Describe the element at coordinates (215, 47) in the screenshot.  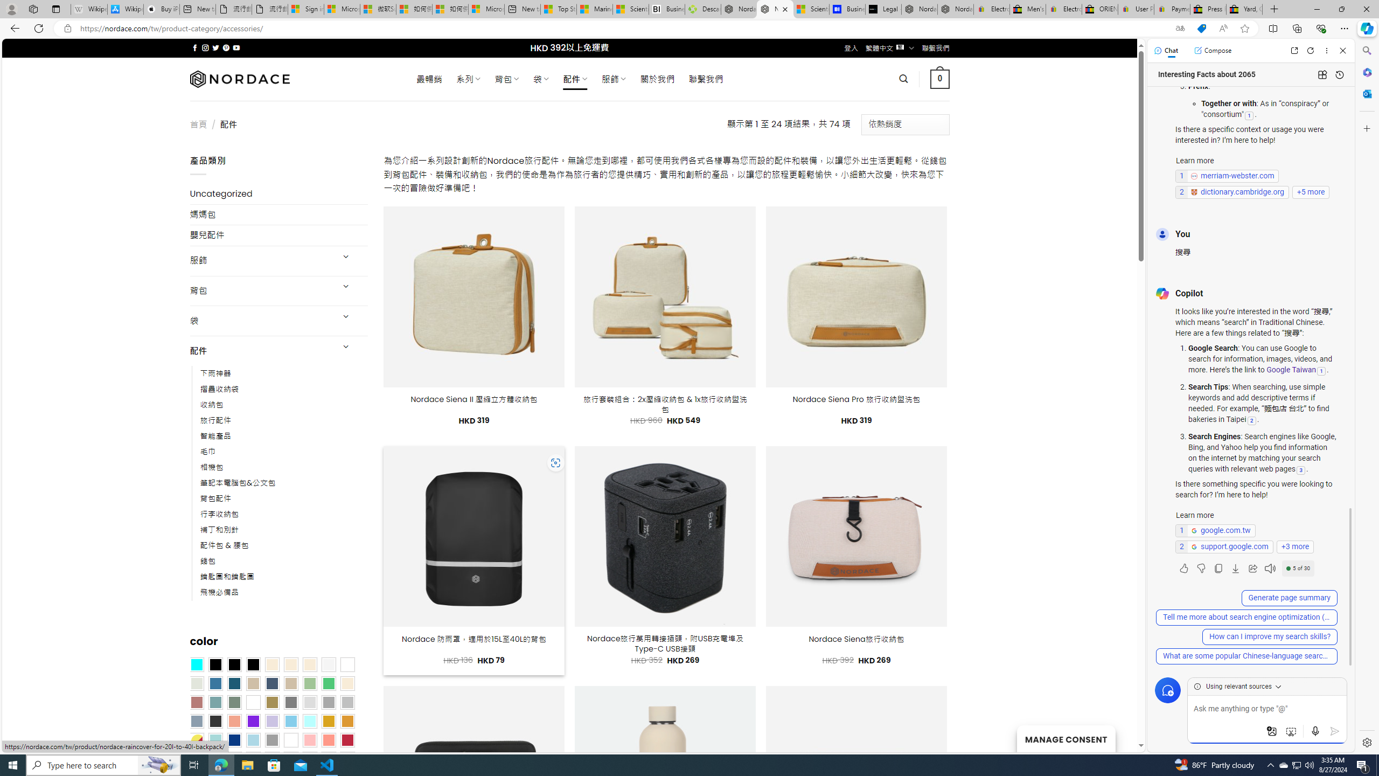
I see `'Follow on Twitter'` at that location.